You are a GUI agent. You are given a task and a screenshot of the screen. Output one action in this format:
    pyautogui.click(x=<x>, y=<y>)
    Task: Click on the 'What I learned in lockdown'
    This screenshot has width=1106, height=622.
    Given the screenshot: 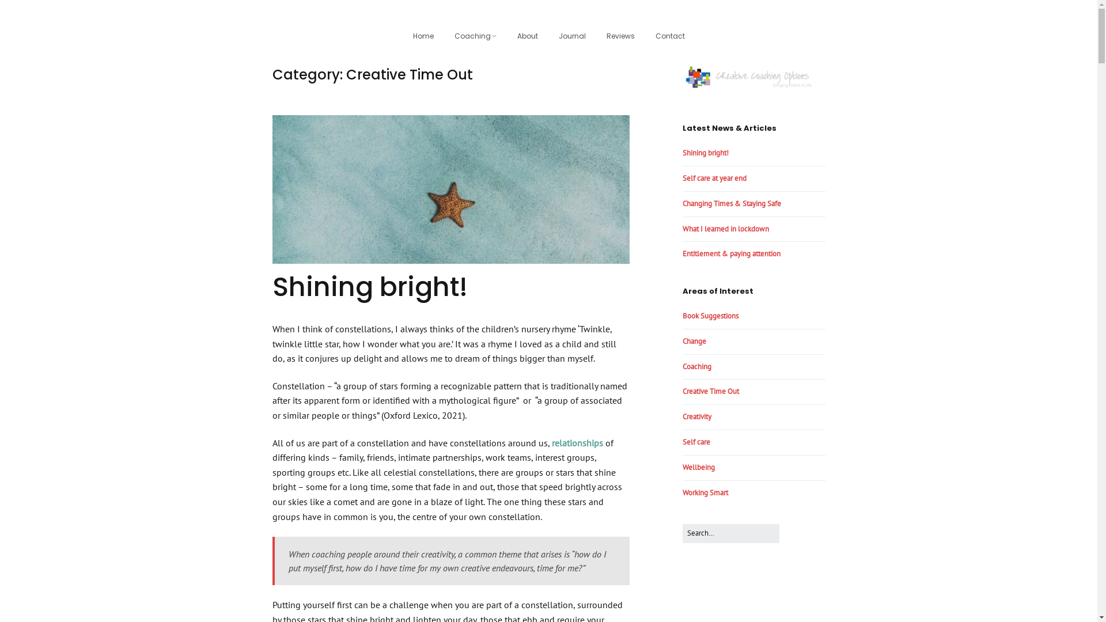 What is the action you would take?
    pyautogui.click(x=724, y=229)
    